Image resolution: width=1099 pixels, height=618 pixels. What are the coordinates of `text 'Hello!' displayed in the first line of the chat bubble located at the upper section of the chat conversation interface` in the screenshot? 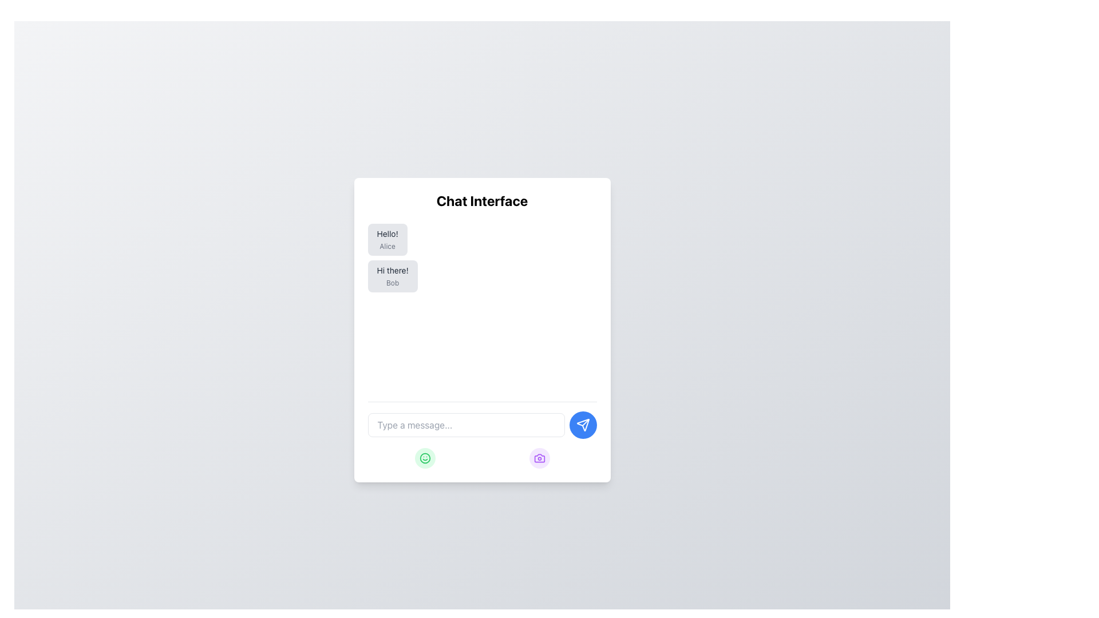 It's located at (388, 233).